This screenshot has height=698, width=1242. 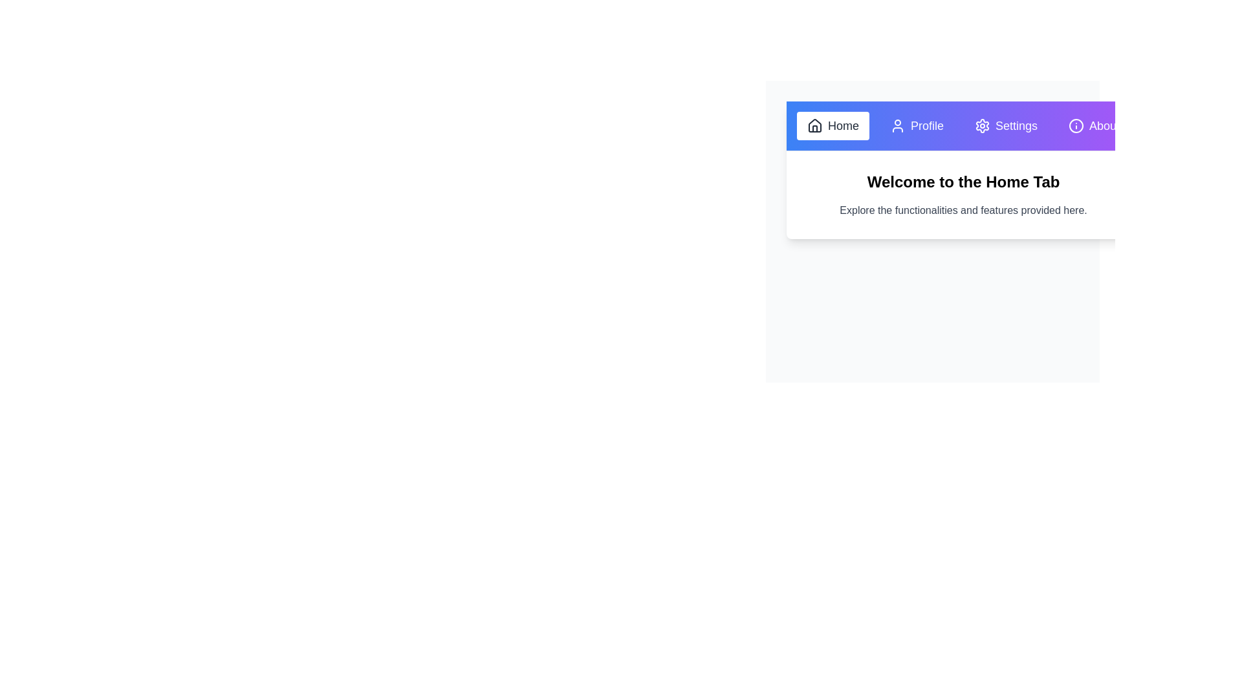 I want to click on the 'Settings' navigational button, which is the third button in the horizontal navigation bar, so click(x=1005, y=126).